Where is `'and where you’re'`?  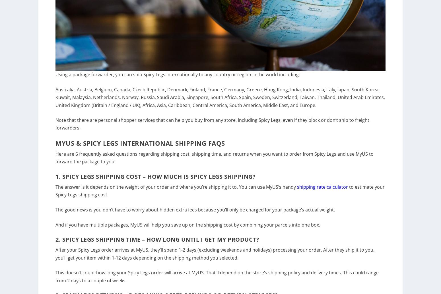 'and where you’re' is located at coordinates (188, 190).